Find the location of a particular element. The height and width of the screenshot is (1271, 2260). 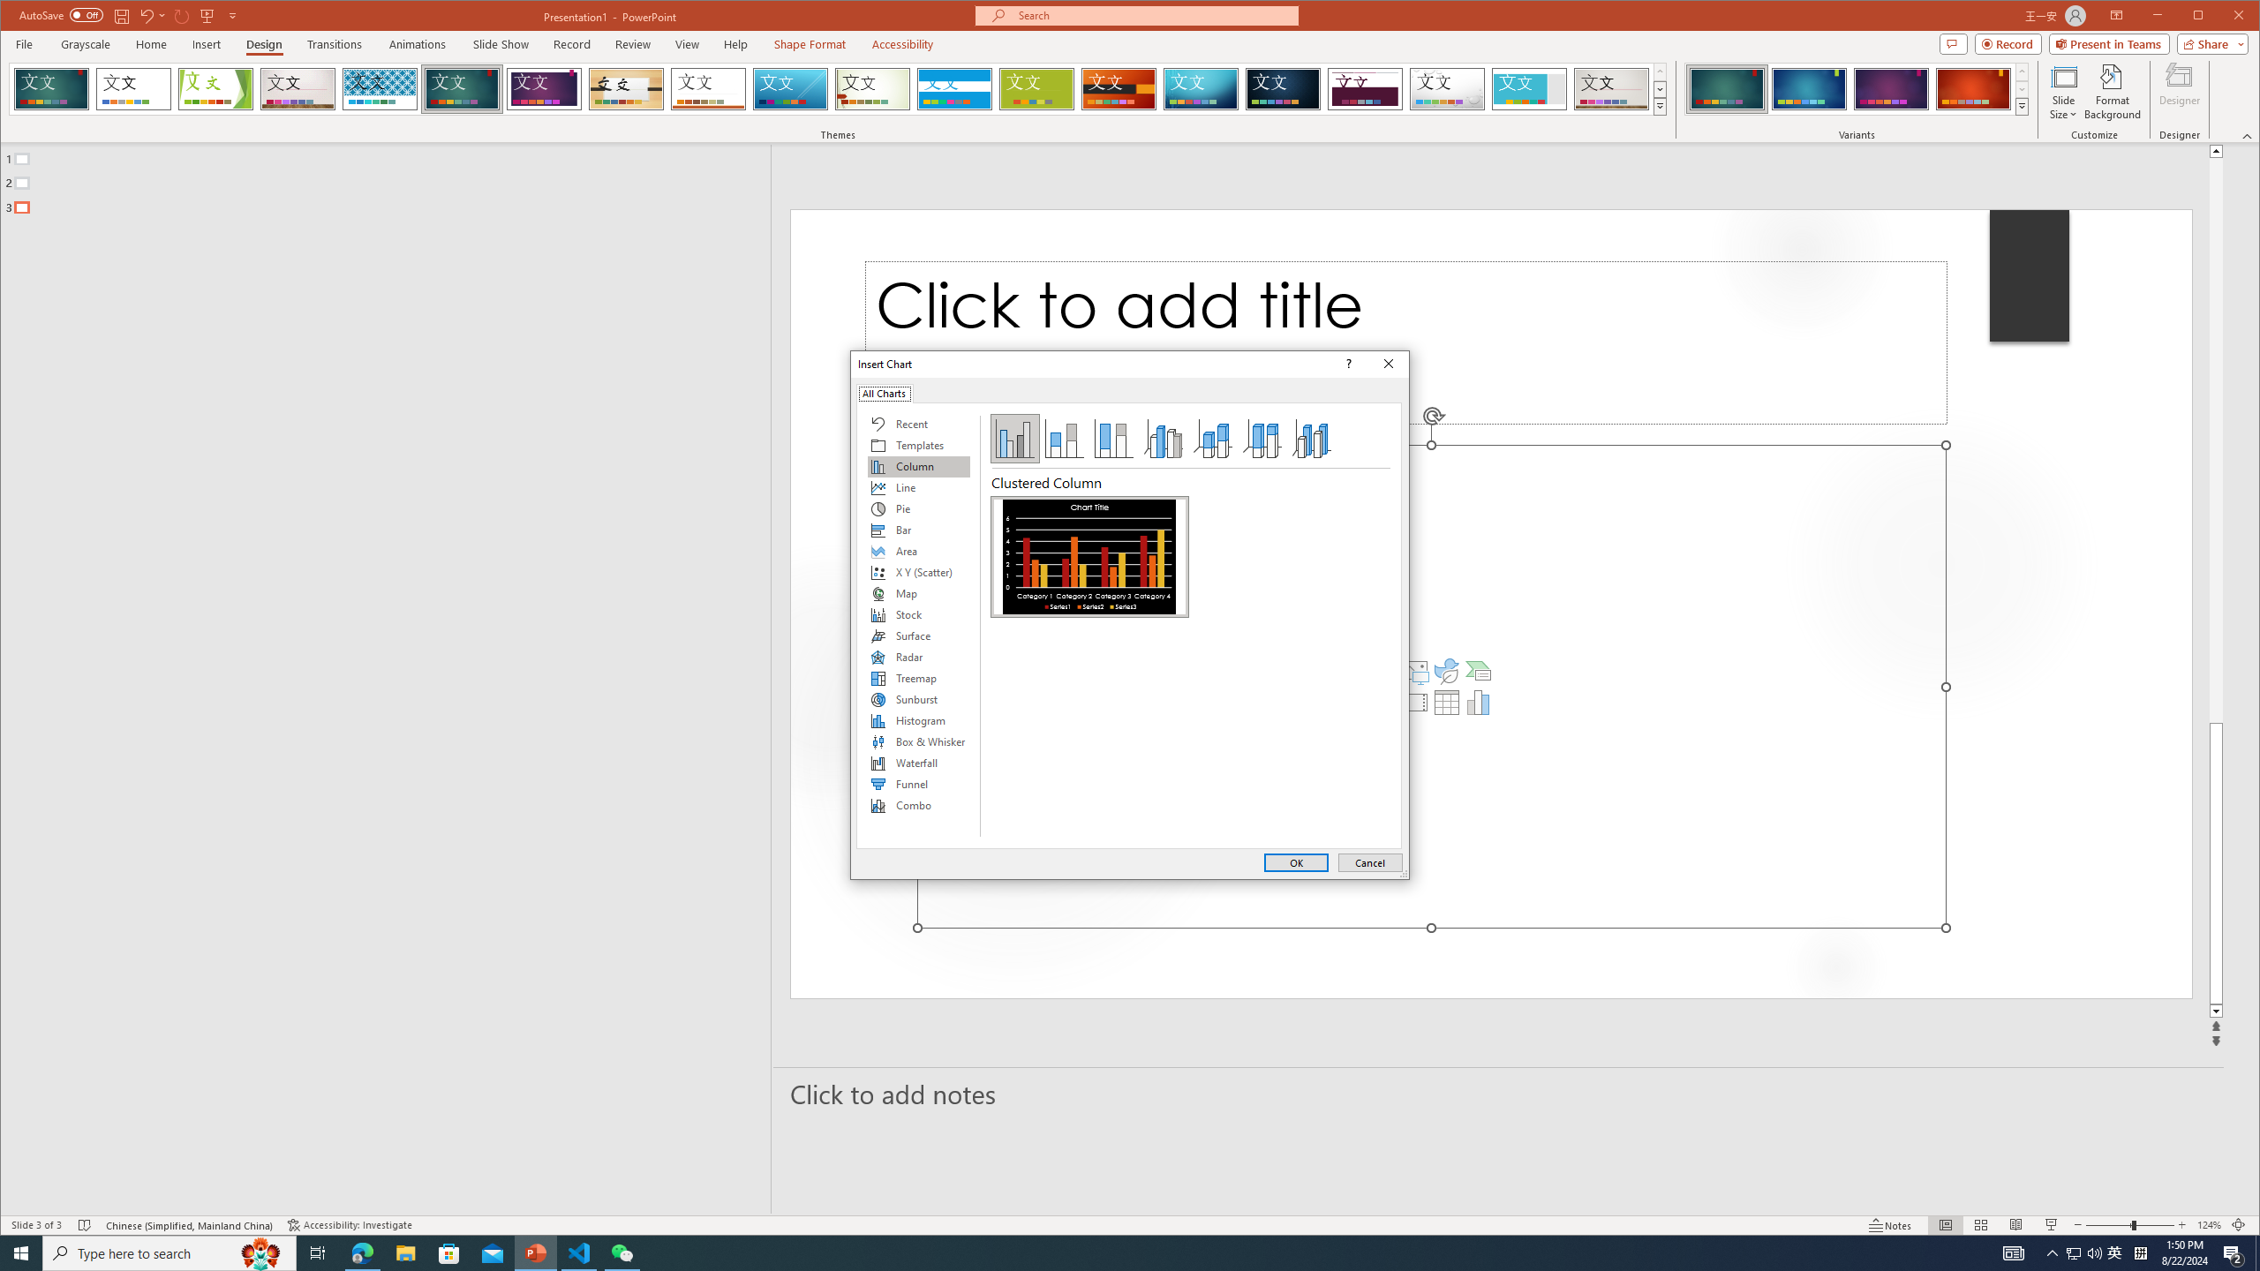

'Banded' is located at coordinates (953, 88).